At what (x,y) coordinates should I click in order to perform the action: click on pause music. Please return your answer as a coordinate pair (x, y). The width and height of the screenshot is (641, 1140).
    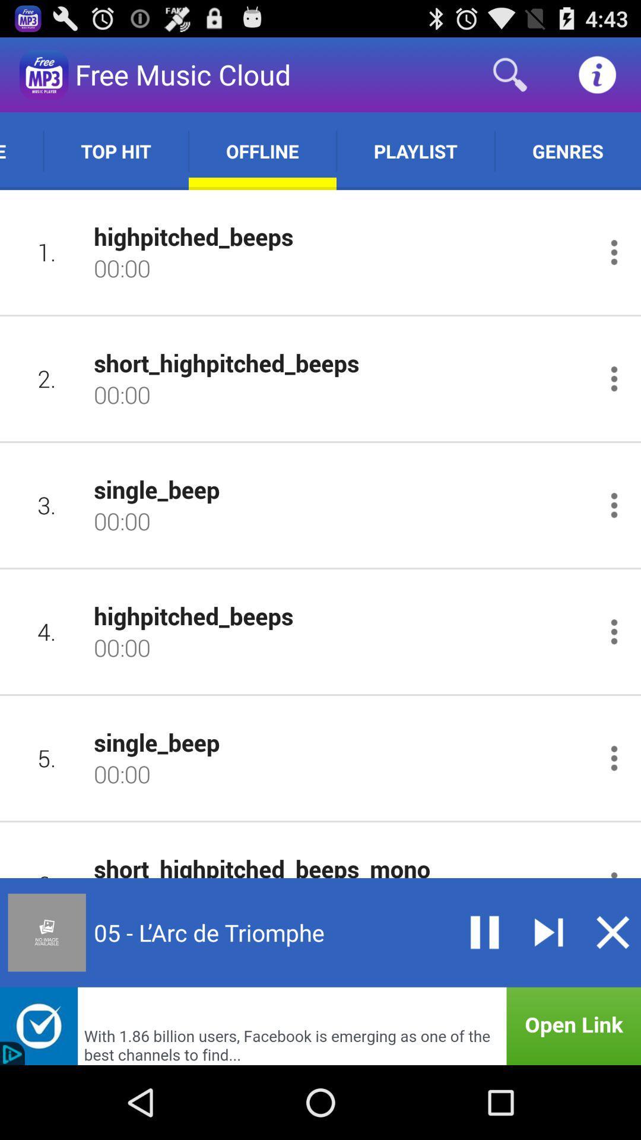
    Looking at the image, I should click on (484, 932).